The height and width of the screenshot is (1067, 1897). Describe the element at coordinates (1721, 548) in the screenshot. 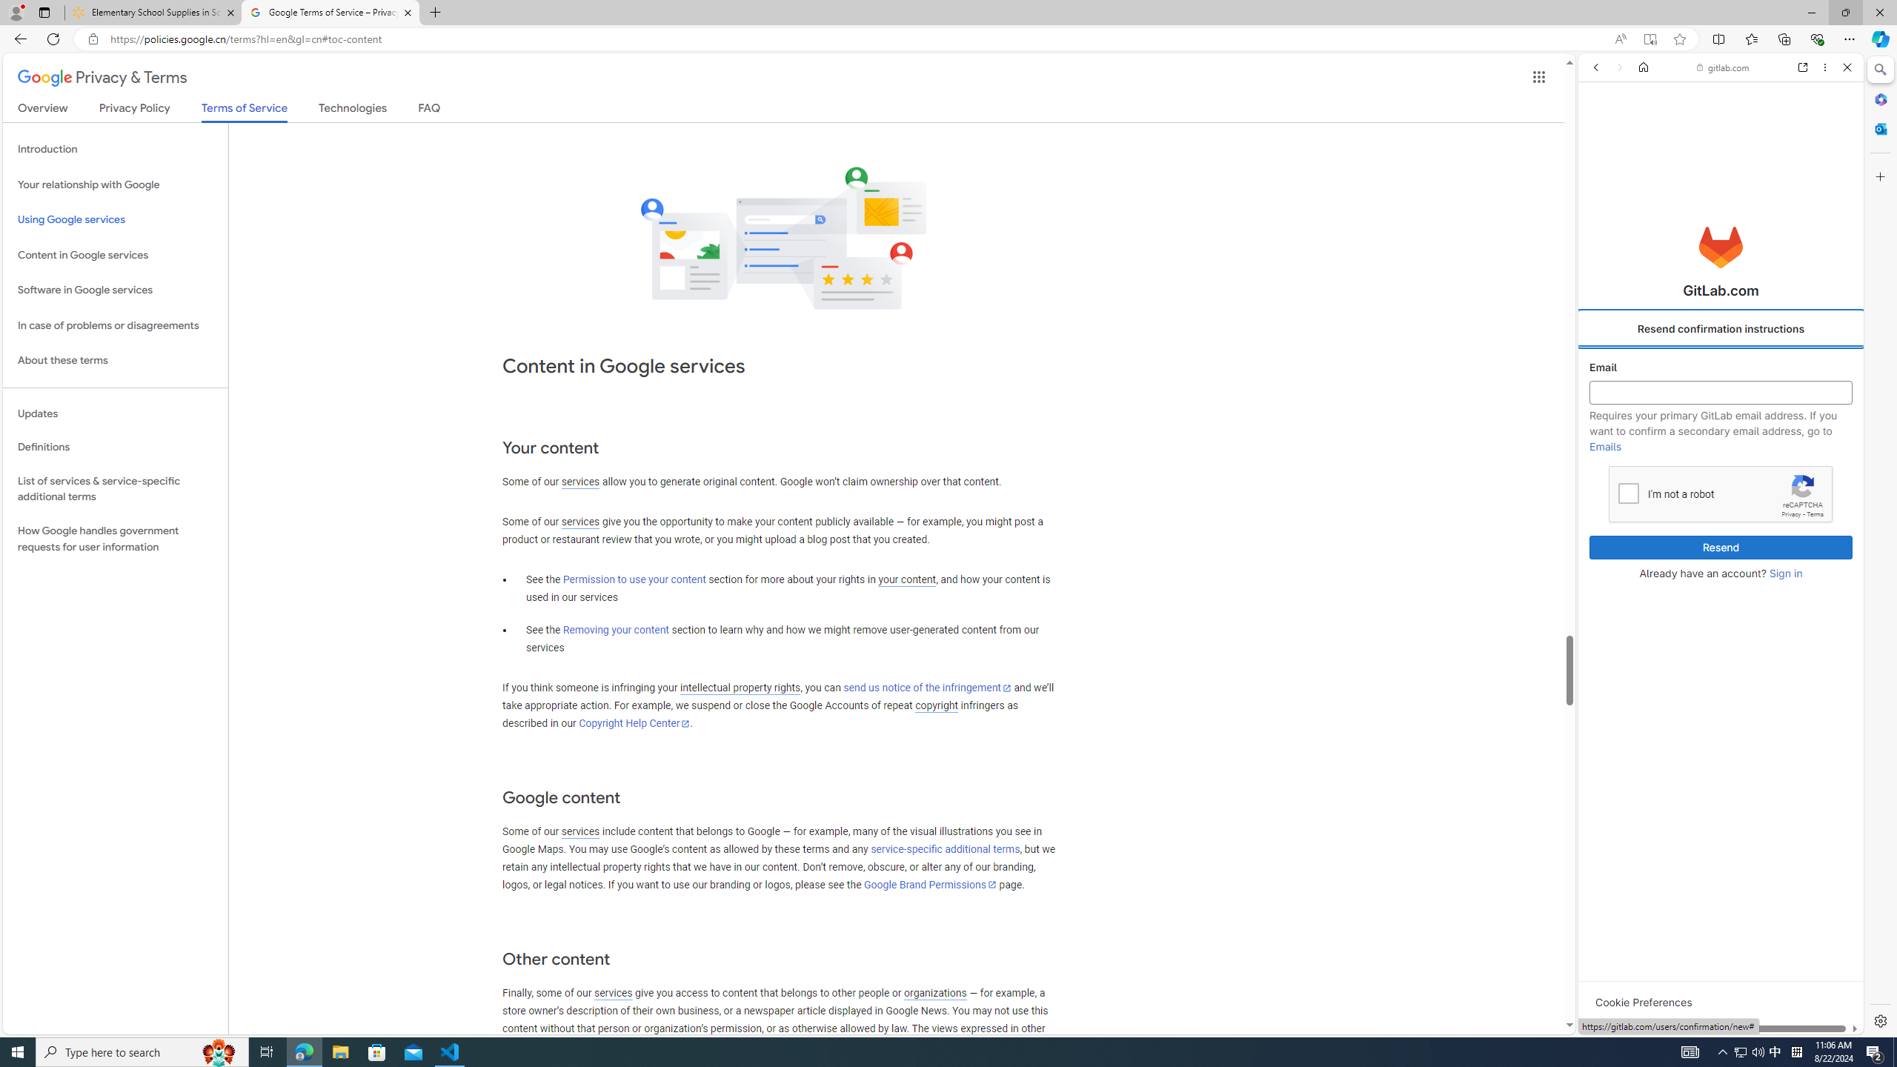

I see `'Resend'` at that location.